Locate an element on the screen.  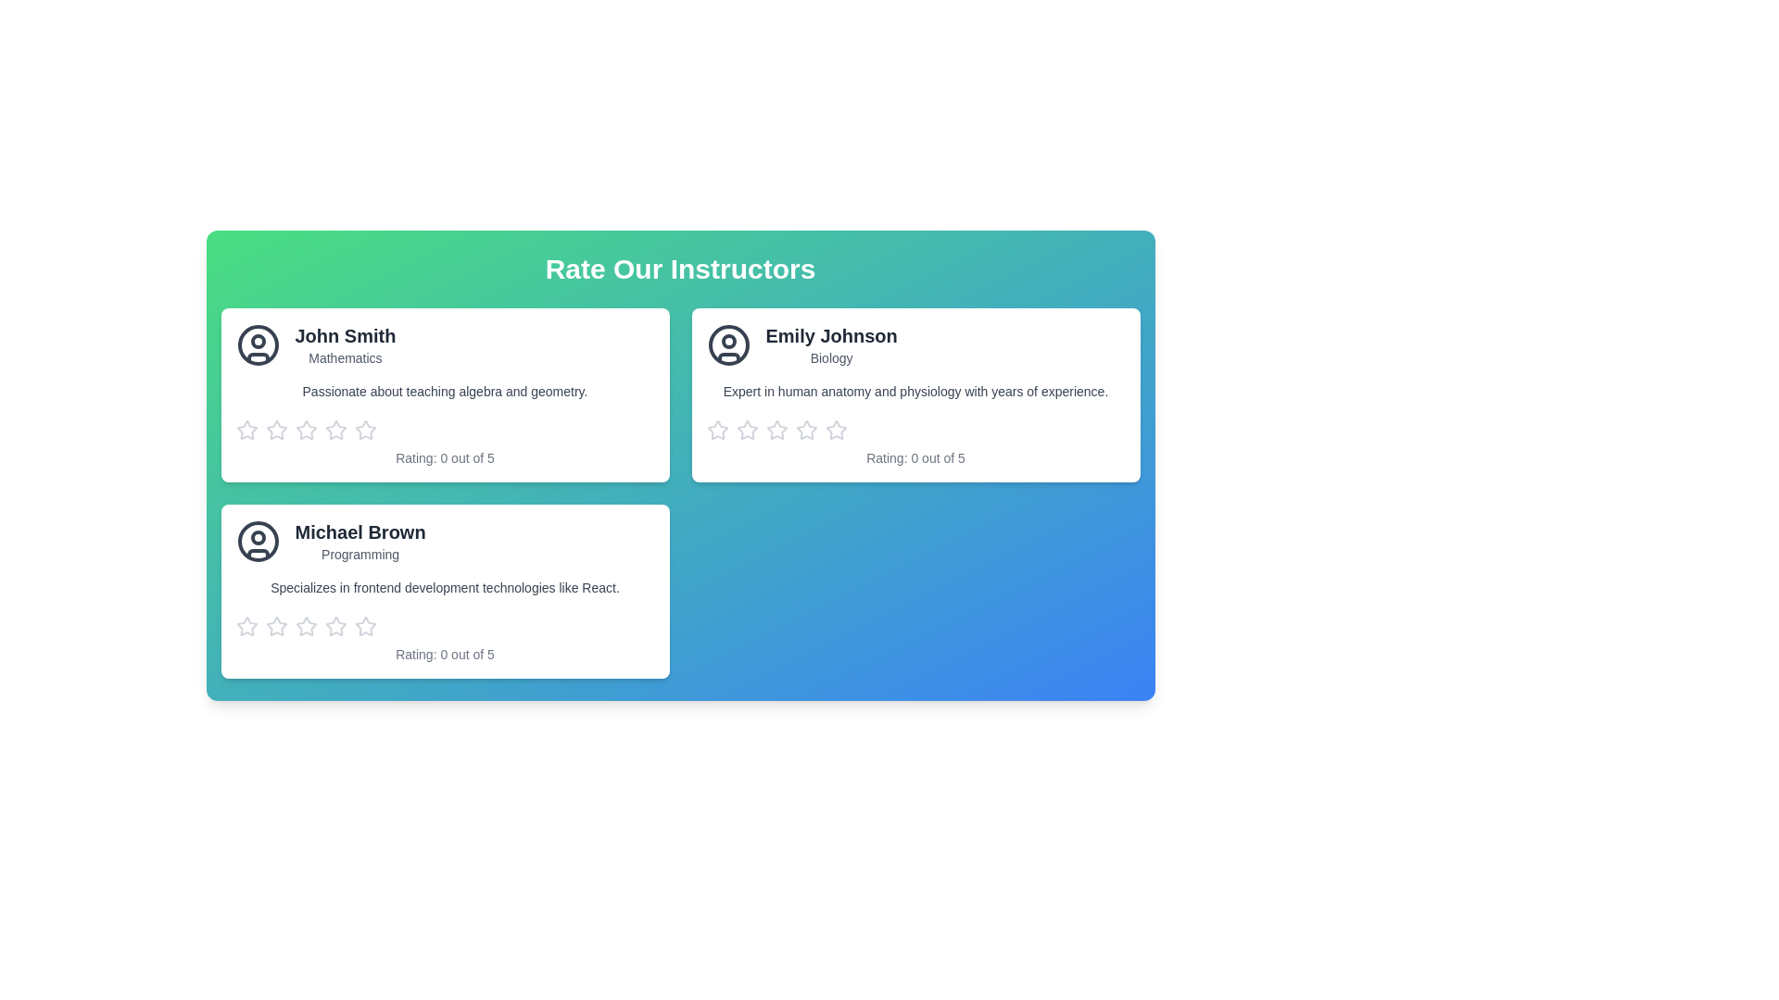
text in the combined header element about 'Michael Brown' with the title 'Programming' is located at coordinates (360, 542).